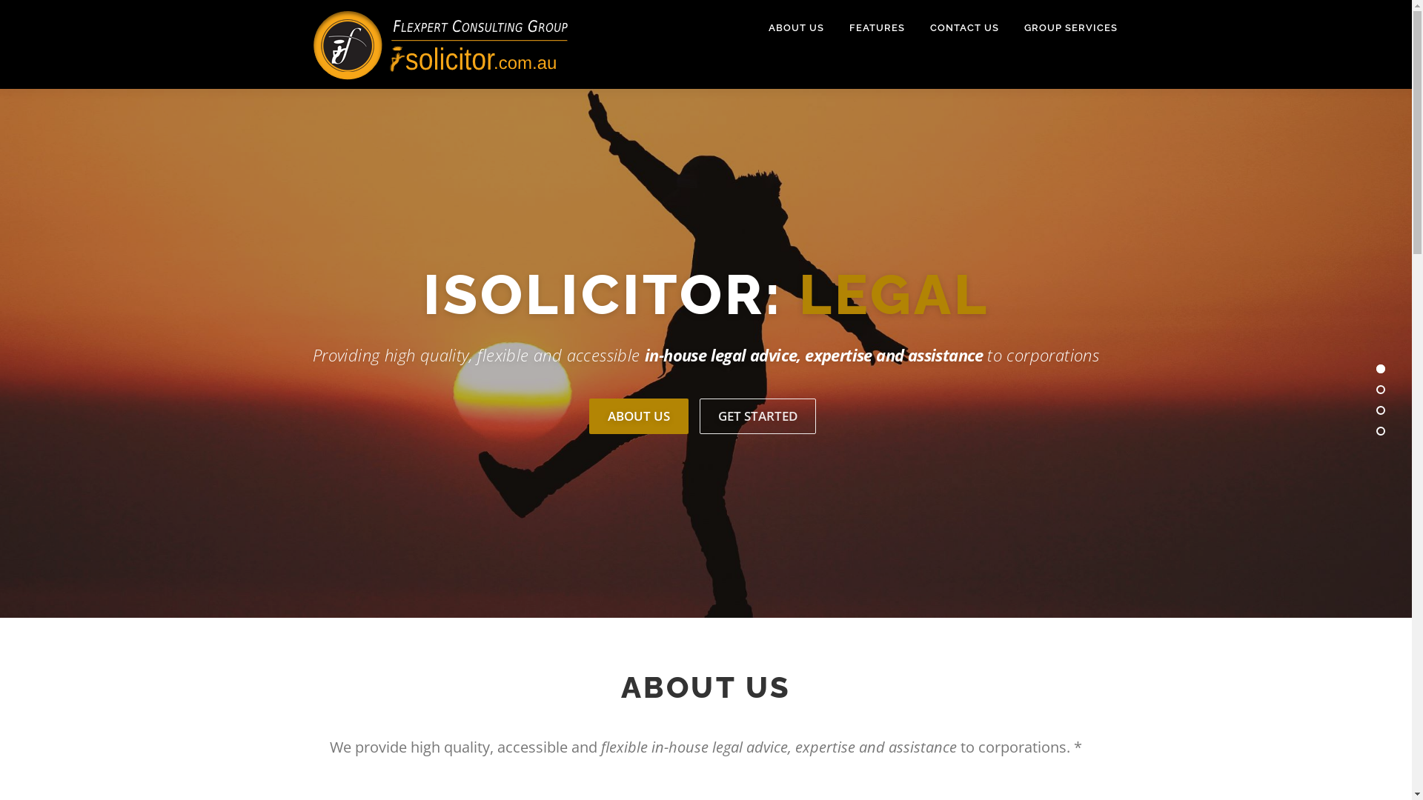 The width and height of the screenshot is (1423, 800). What do you see at coordinates (876, 27) in the screenshot?
I see `'FEATURES'` at bounding box center [876, 27].